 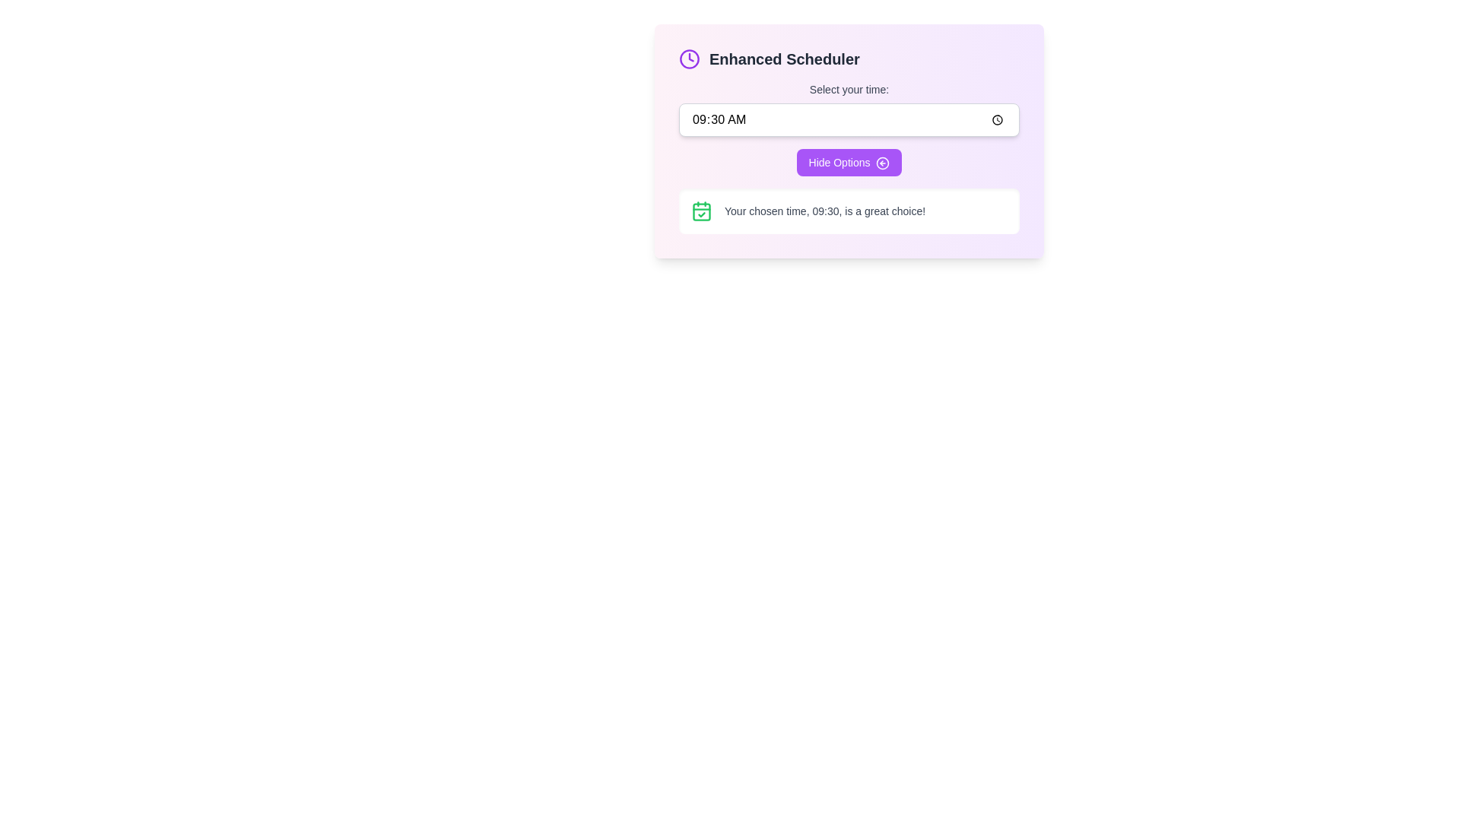 What do you see at coordinates (785, 58) in the screenshot?
I see `the Text Label (Header/Title) located in the top-left corner of the interactive card-like UI, positioned to the right of the clock icon` at bounding box center [785, 58].